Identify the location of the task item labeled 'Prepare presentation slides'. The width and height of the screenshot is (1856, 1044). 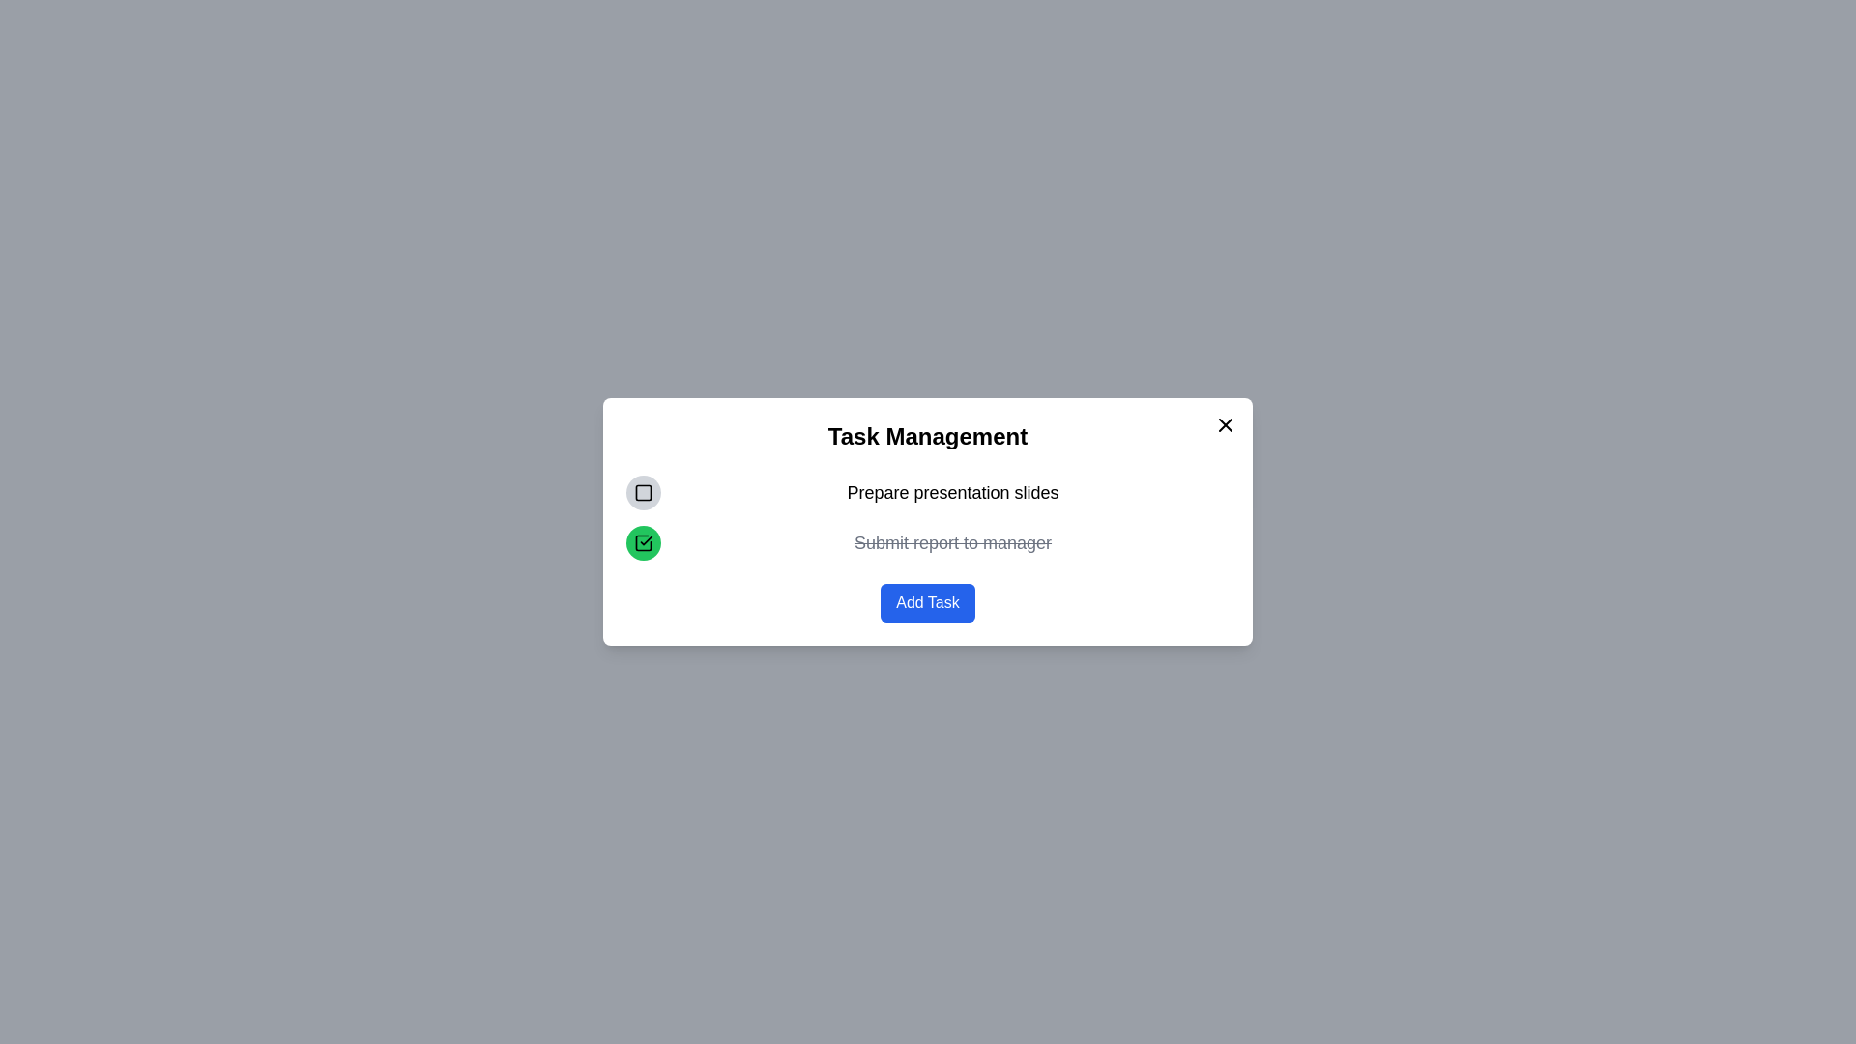
(928, 491).